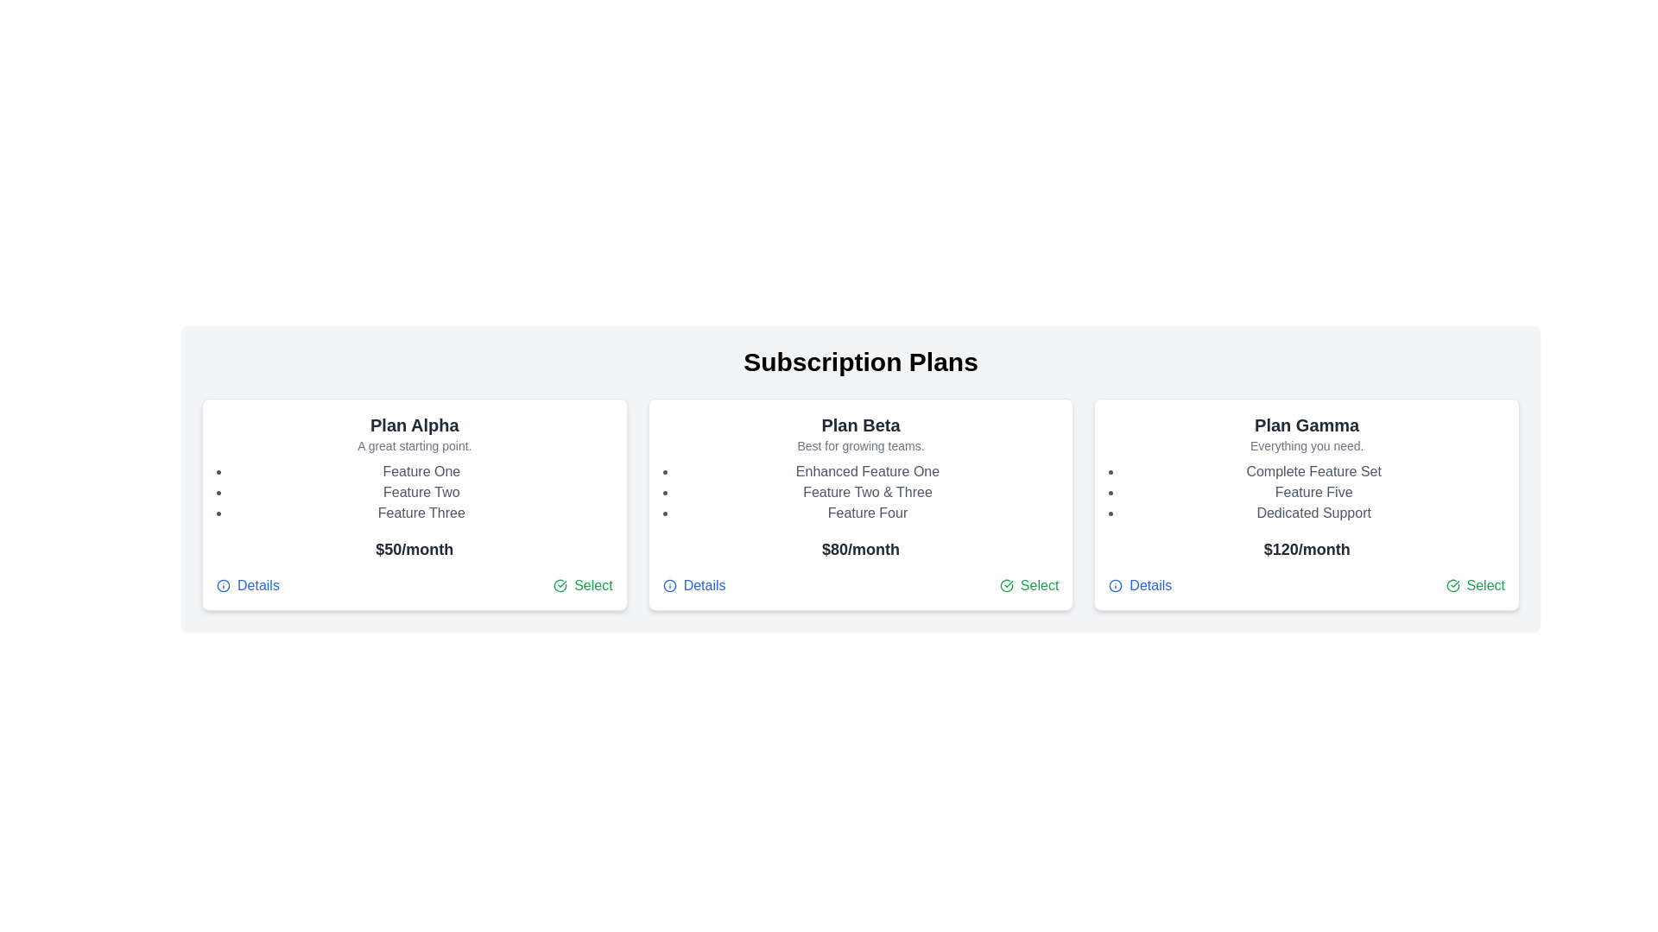 This screenshot has height=932, width=1658. What do you see at coordinates (1006, 584) in the screenshot?
I see `the subscription plan selection icon located to the left of the 'Select' text in the middle subscription plan card ('Plan Beta')` at bounding box center [1006, 584].